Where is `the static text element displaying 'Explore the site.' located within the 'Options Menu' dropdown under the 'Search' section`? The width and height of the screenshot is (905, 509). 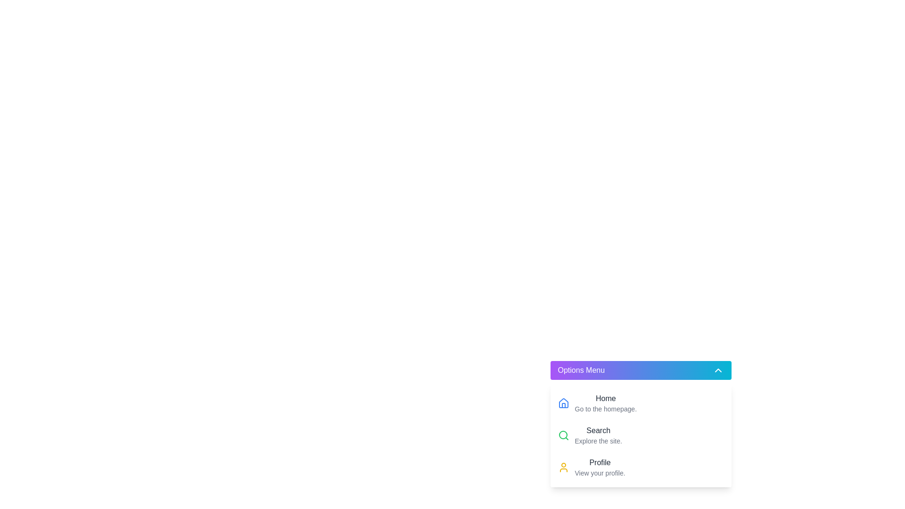 the static text element displaying 'Explore the site.' located within the 'Options Menu' dropdown under the 'Search' section is located at coordinates (598, 441).